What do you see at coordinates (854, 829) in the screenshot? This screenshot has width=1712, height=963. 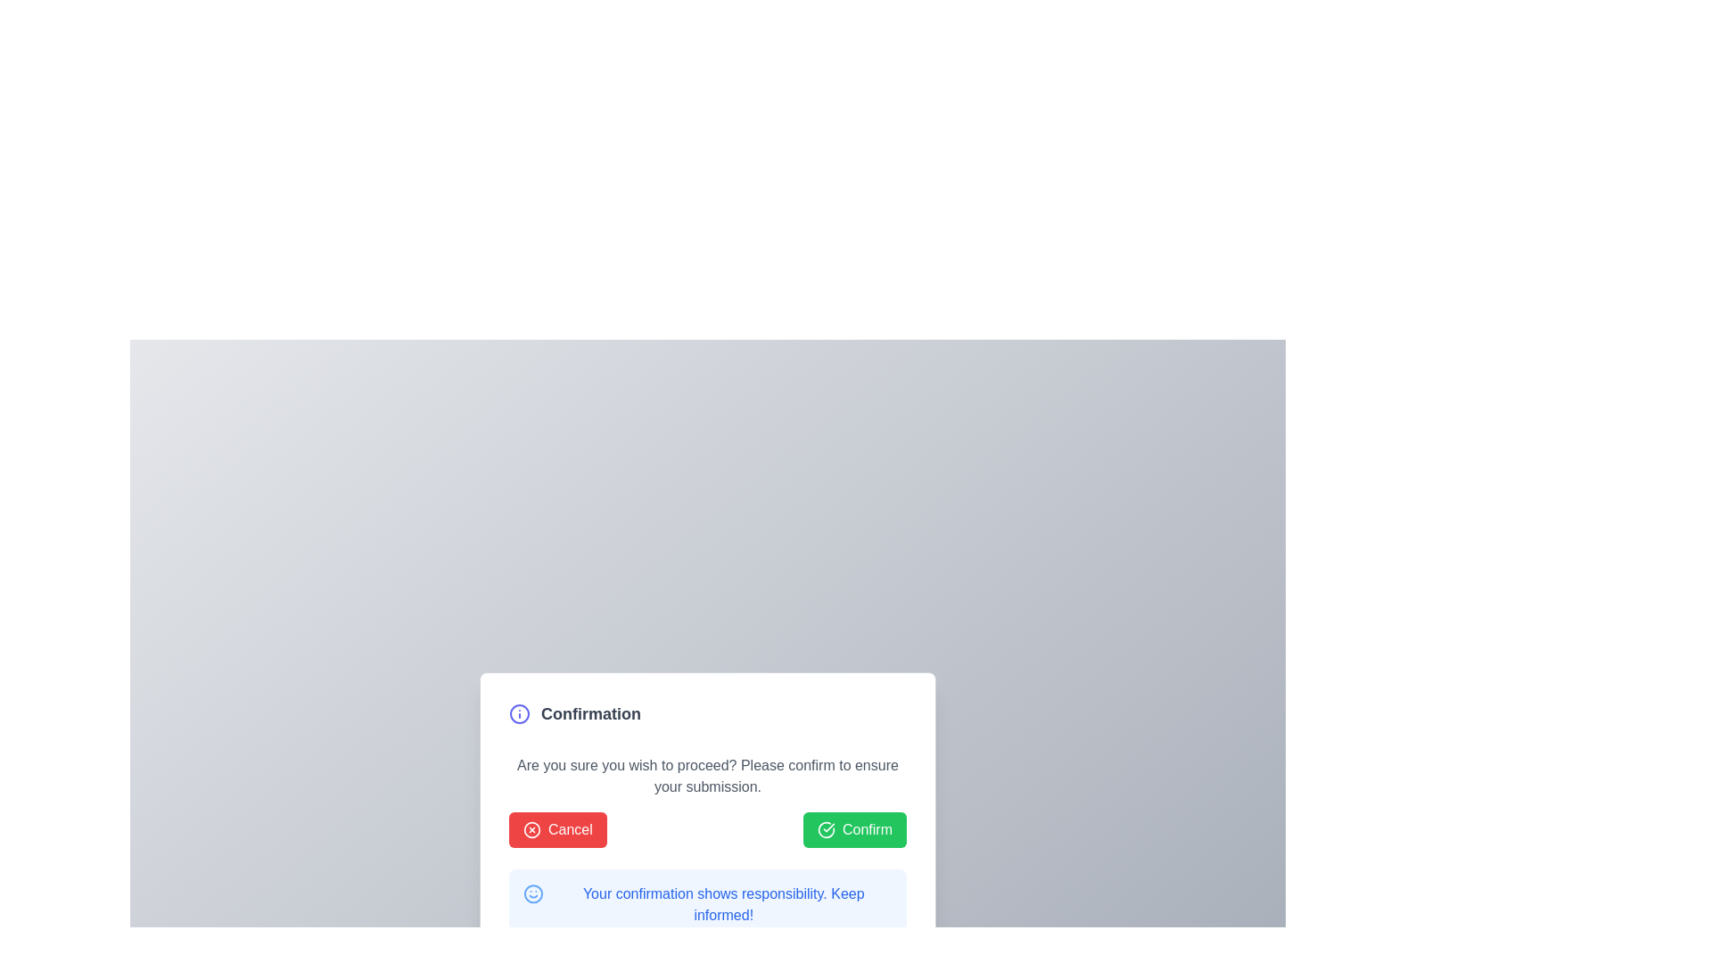 I see `the 'Confirm' button with a green background and a circular checkmark icon located in the footer section of the modal window` at bounding box center [854, 829].